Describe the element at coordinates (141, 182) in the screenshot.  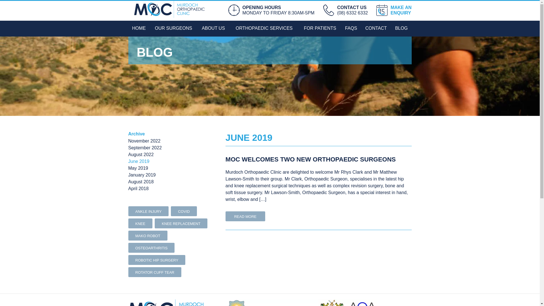
I see `'August 2018'` at that location.